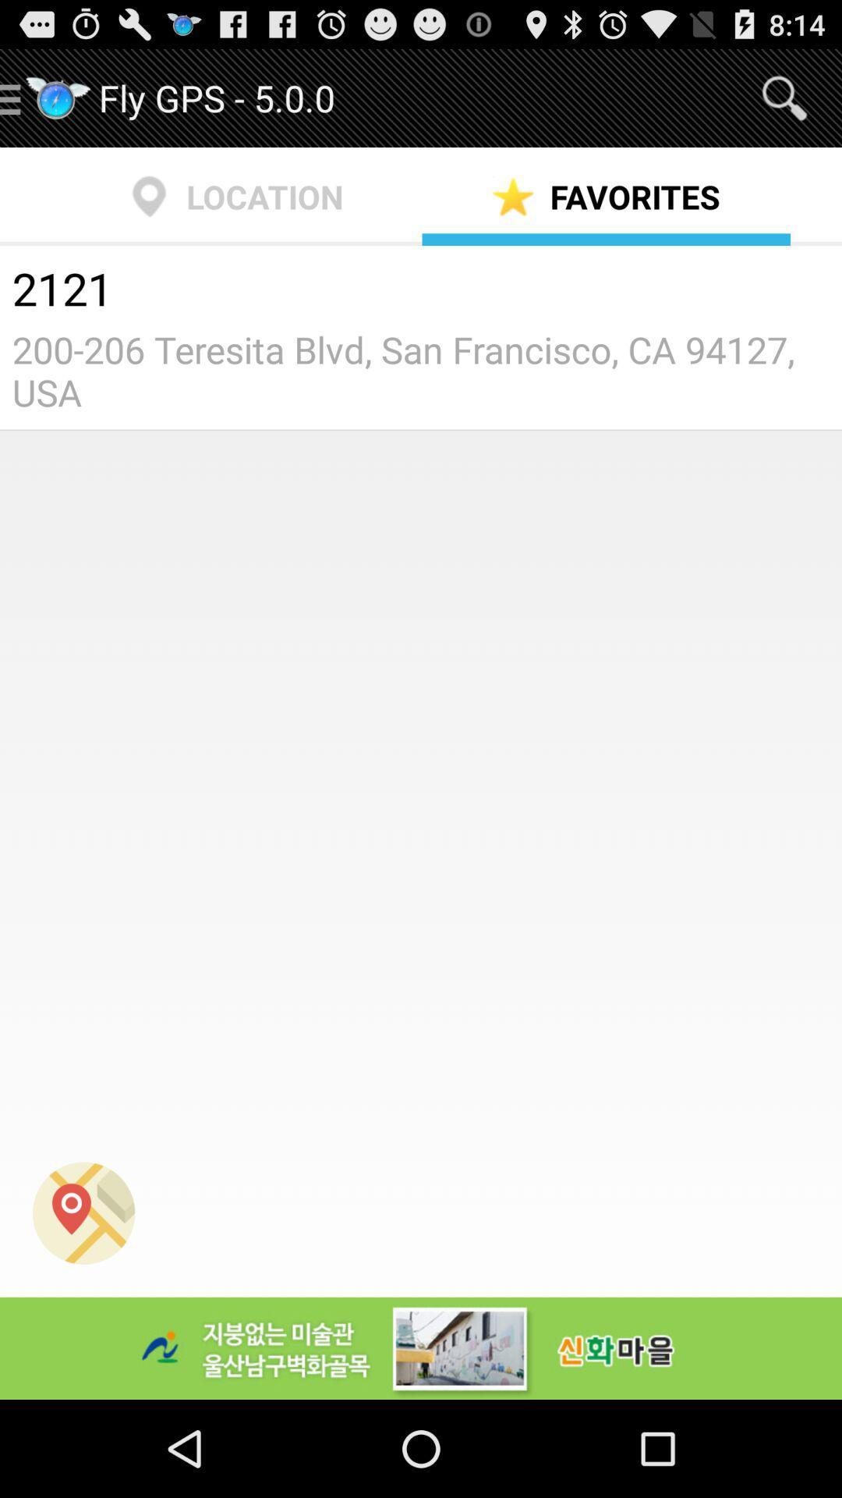  Describe the element at coordinates (421, 370) in the screenshot. I see `200 206 teresita icon` at that location.